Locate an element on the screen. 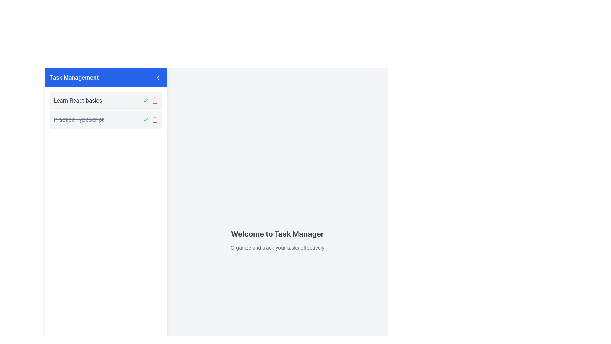 This screenshot has width=611, height=344. the completed task labeled 'Practice TypeScript' in the 'Task Management' list is located at coordinates (106, 119).